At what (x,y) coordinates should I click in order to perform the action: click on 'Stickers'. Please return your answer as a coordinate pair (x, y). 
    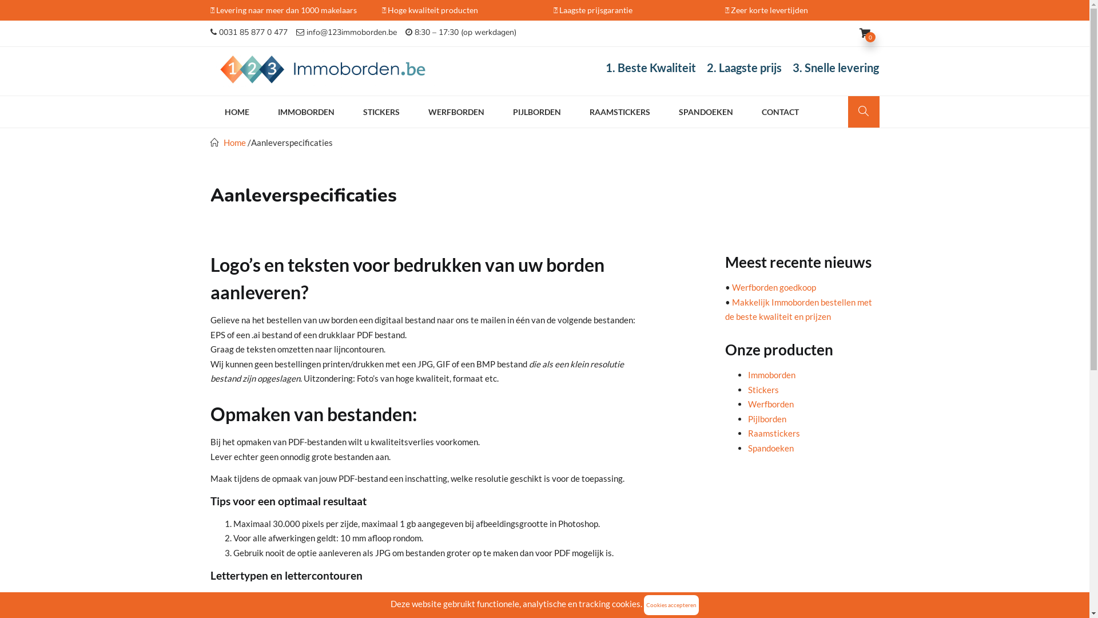
    Looking at the image, I should click on (763, 389).